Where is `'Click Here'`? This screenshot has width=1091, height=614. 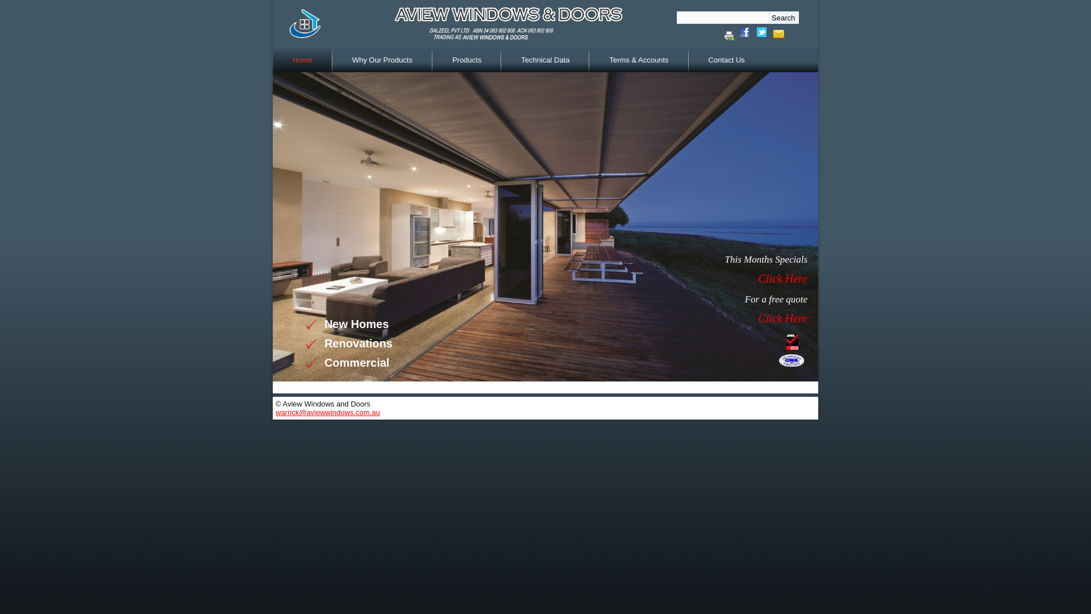 'Click Here' is located at coordinates (782, 318).